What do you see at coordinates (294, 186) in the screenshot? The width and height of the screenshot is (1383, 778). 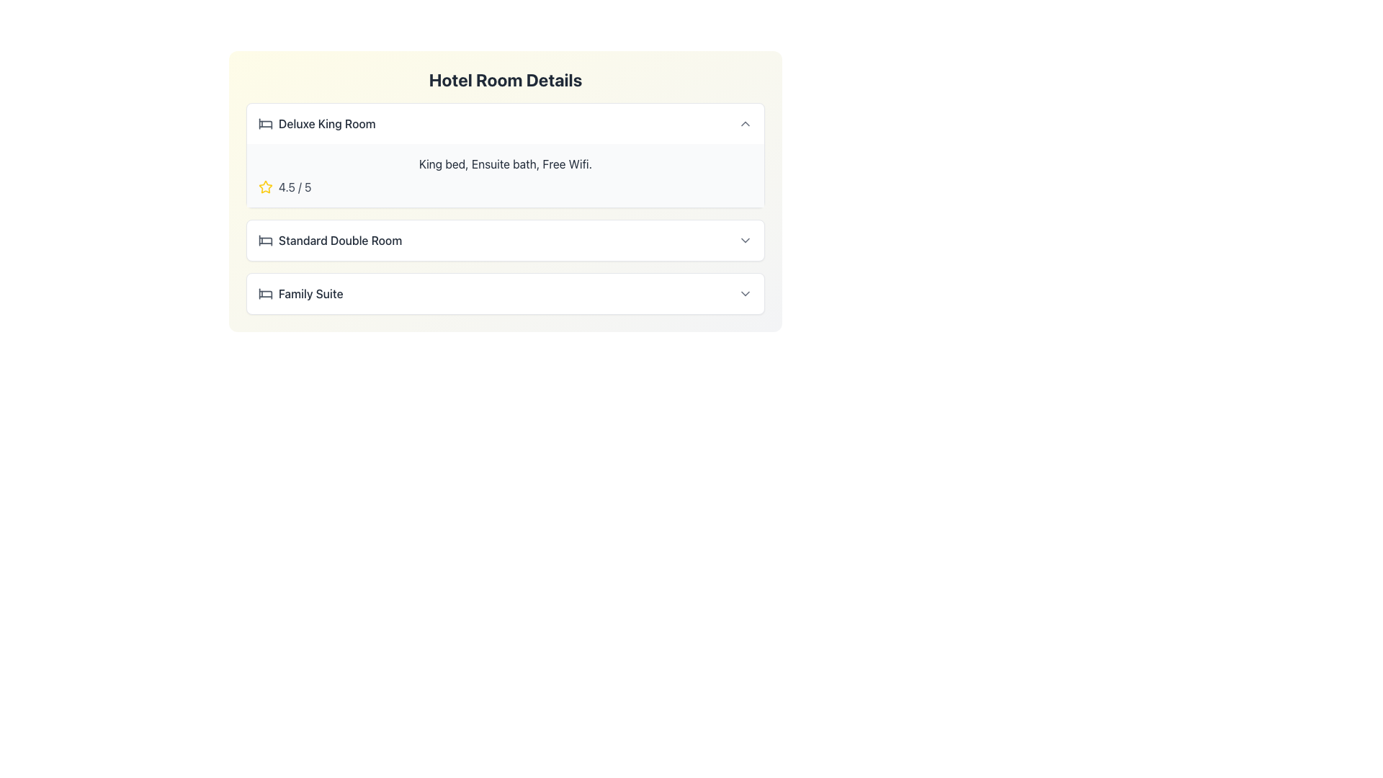 I see `numeric label reading '4.5 / 5' which is styled in gray font and positioned to the right of the yellow star icon, indicating the rating for the 'Deluxe King Room'` at bounding box center [294, 186].